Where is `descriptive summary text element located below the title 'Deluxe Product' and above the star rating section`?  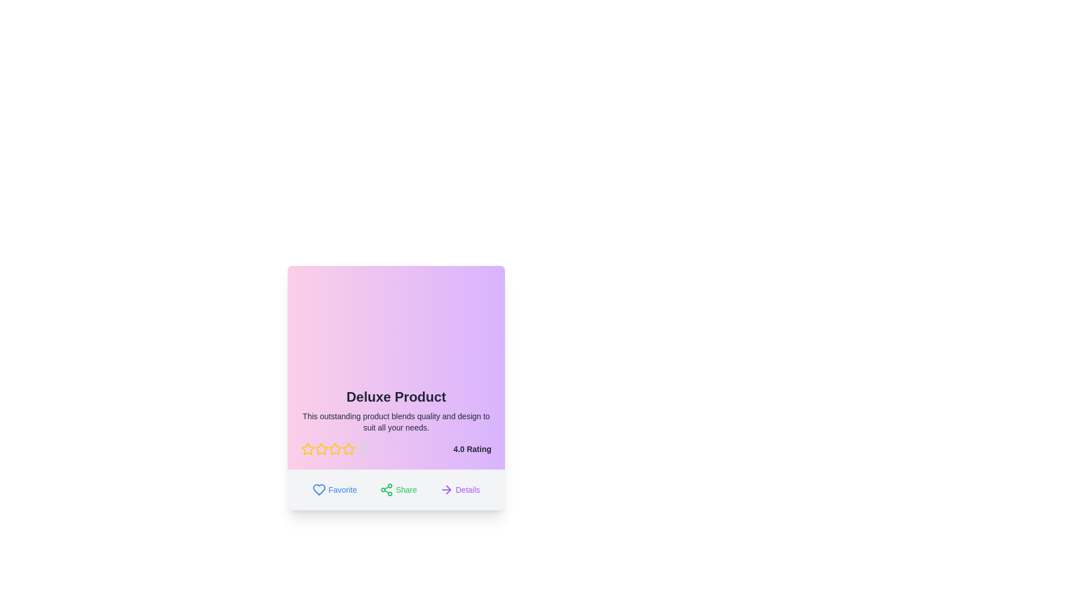 descriptive summary text element located below the title 'Deluxe Product' and above the star rating section is located at coordinates (396, 421).